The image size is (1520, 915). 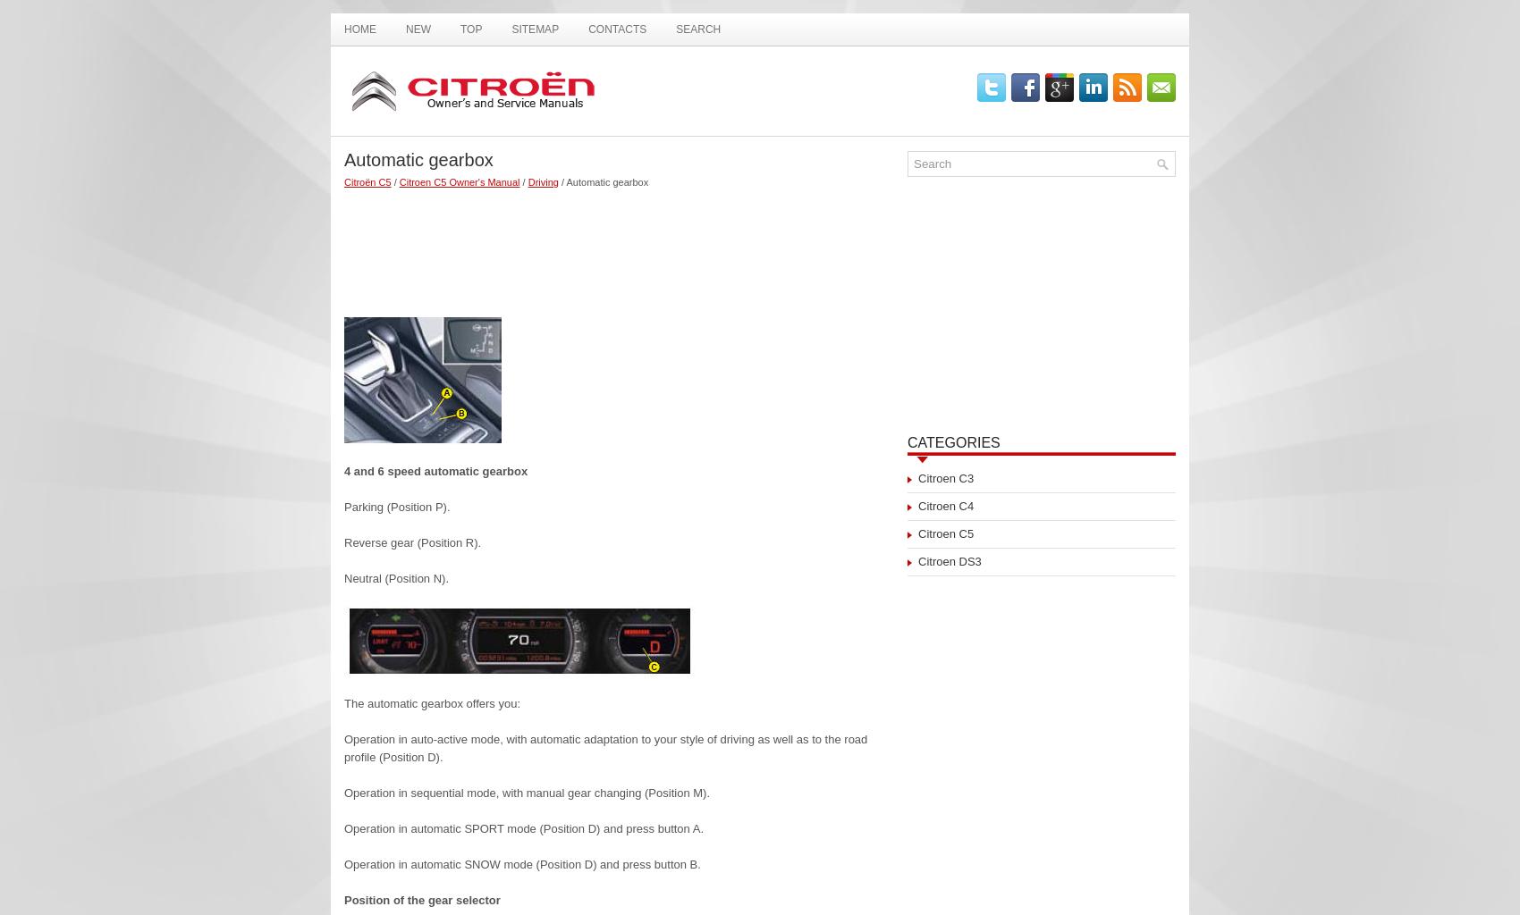 I want to click on 'Operation in automatic SNOW mode (Position D) and press button B.', so click(x=520, y=864).